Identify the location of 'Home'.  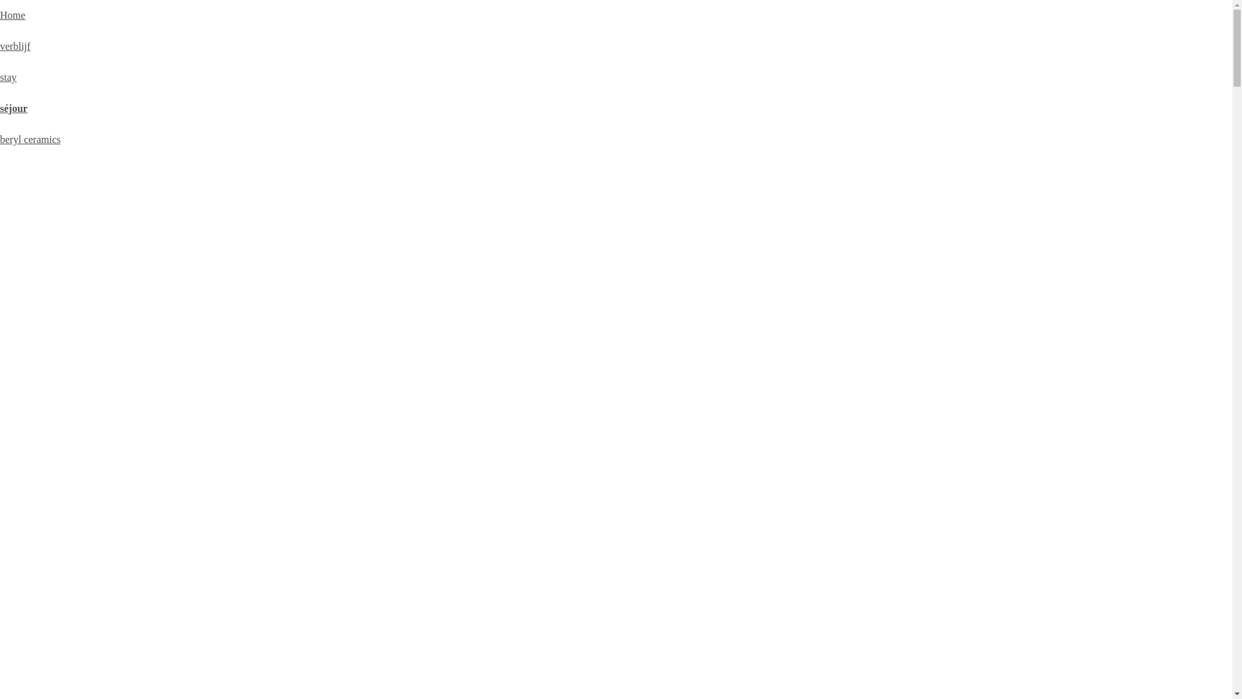
(12, 15).